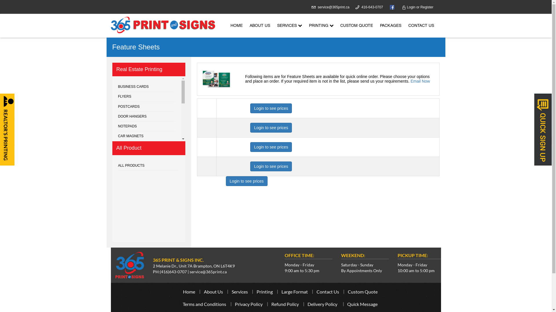 The height and width of the screenshot is (312, 556). What do you see at coordinates (264, 291) in the screenshot?
I see `'Printing'` at bounding box center [264, 291].